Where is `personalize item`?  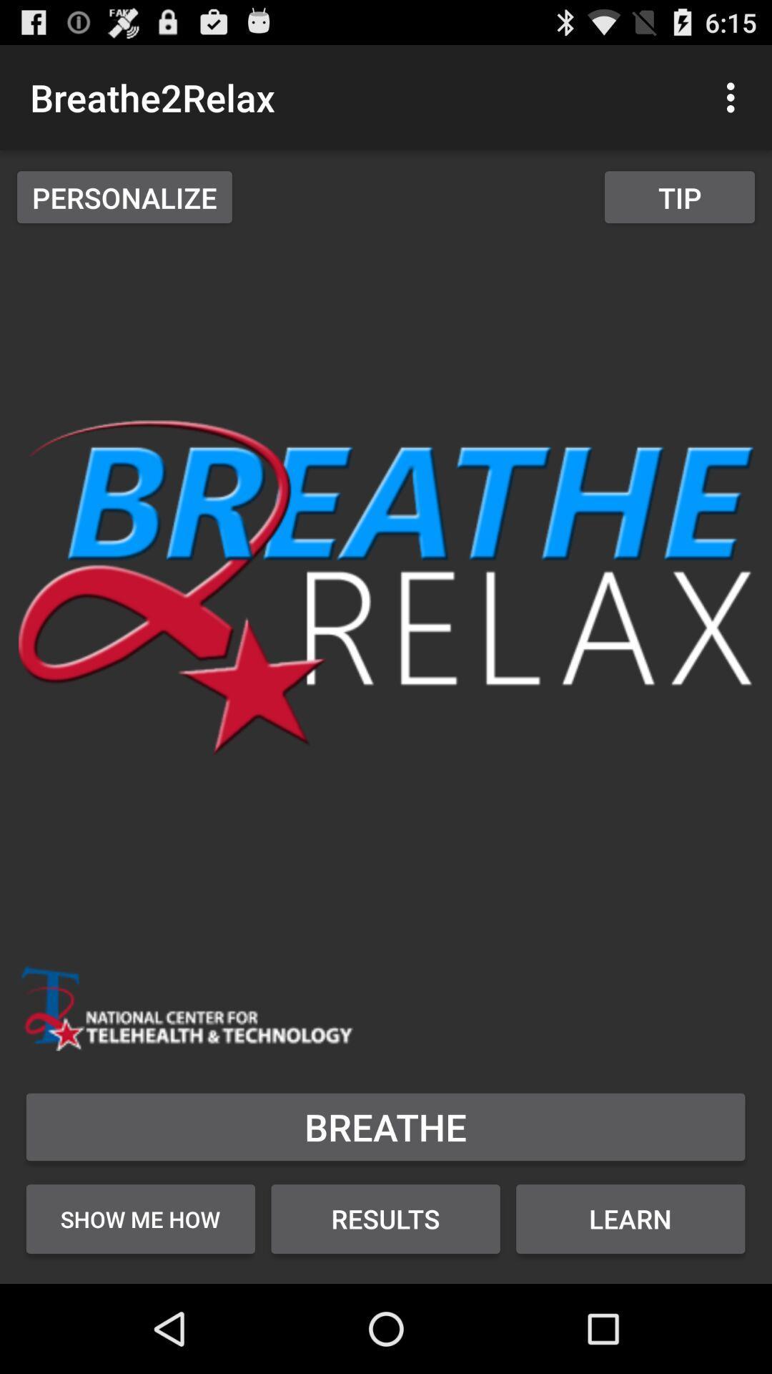
personalize item is located at coordinates (124, 196).